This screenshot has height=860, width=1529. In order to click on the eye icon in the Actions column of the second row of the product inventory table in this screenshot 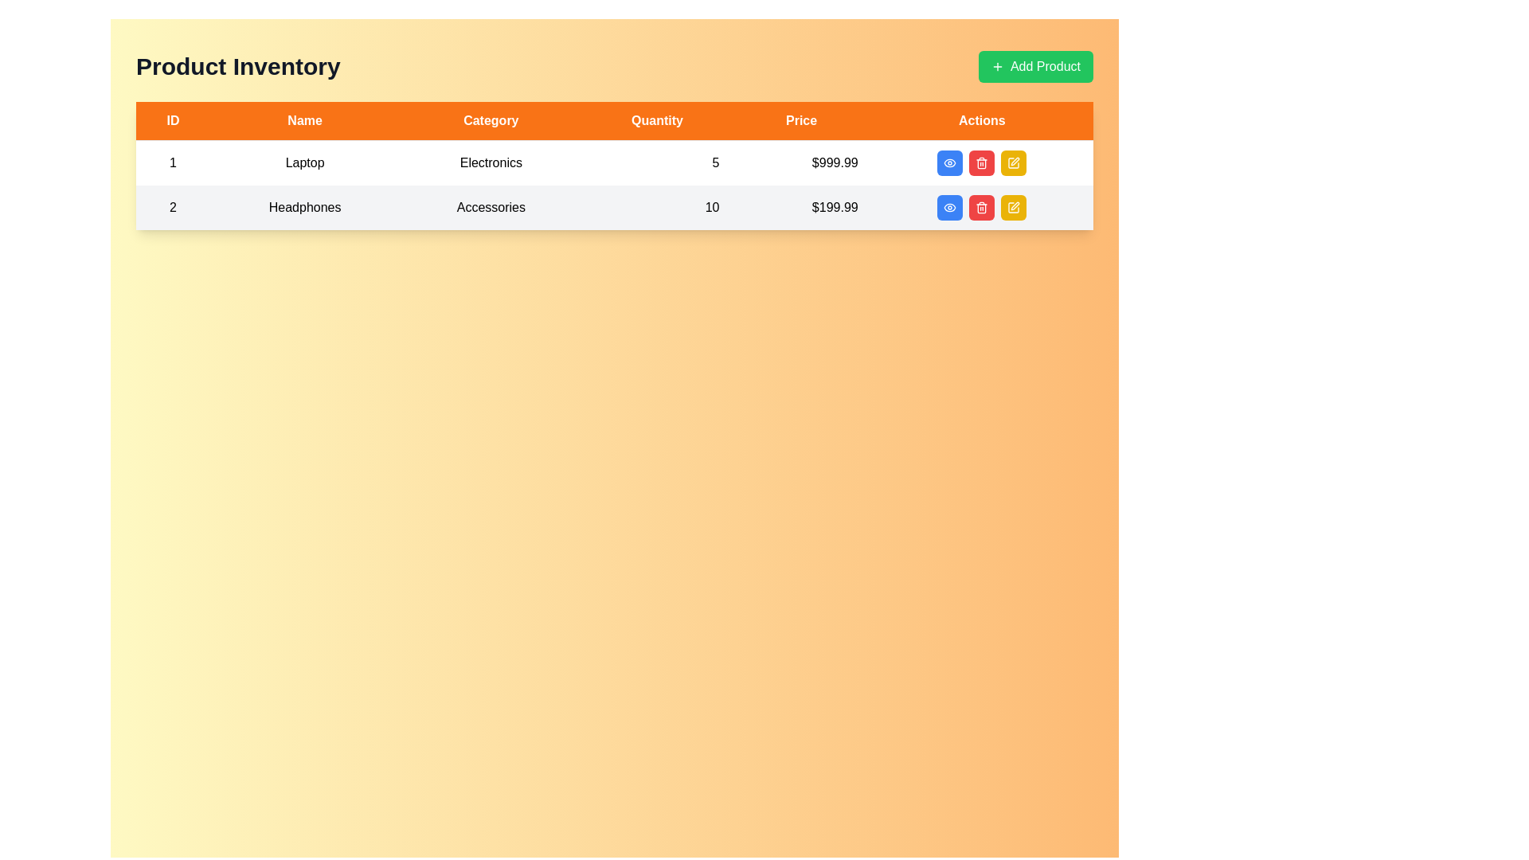, I will do `click(950, 207)`.